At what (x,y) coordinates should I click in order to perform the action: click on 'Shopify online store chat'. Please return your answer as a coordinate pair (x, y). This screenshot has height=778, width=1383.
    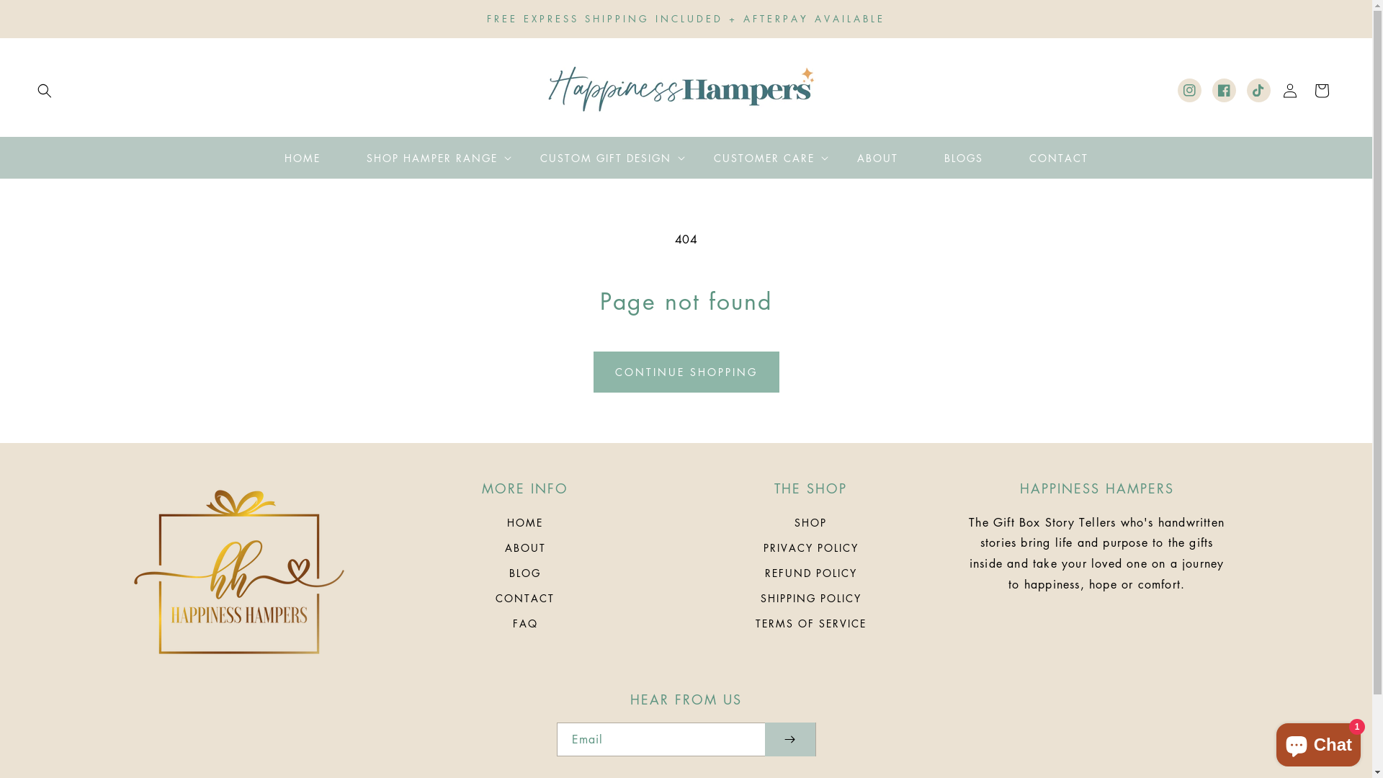
    Looking at the image, I should click on (1318, 741).